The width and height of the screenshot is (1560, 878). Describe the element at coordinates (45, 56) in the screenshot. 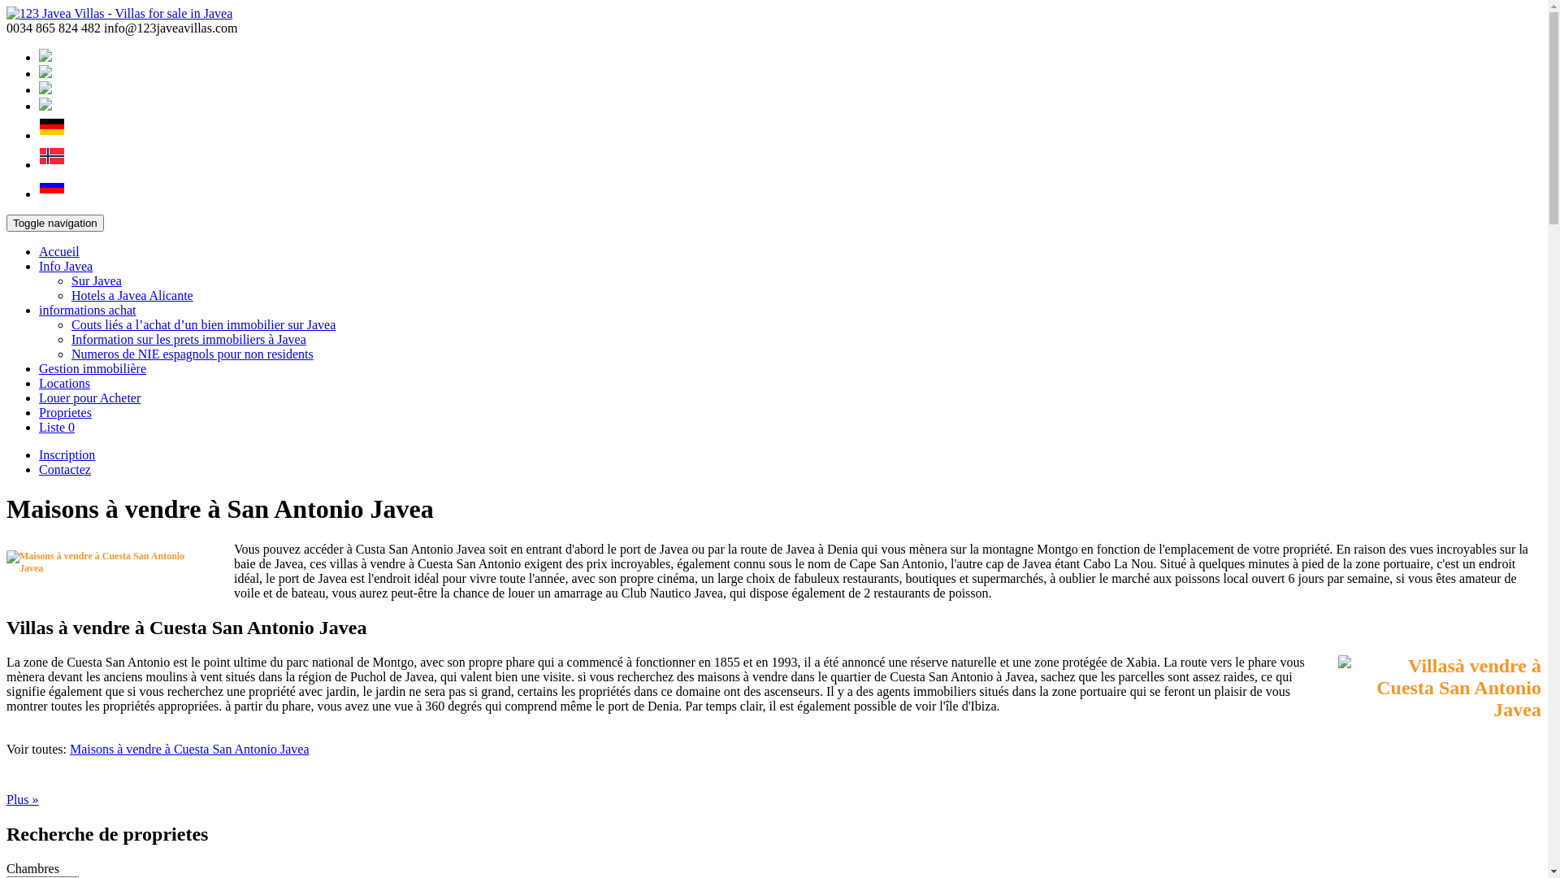

I see `'English'` at that location.